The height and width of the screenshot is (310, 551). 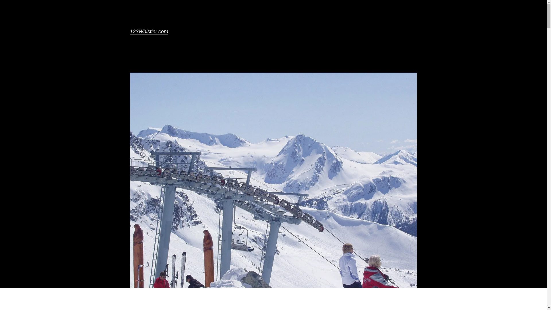 What do you see at coordinates (149, 32) in the screenshot?
I see `'123Whistler.com'` at bounding box center [149, 32].